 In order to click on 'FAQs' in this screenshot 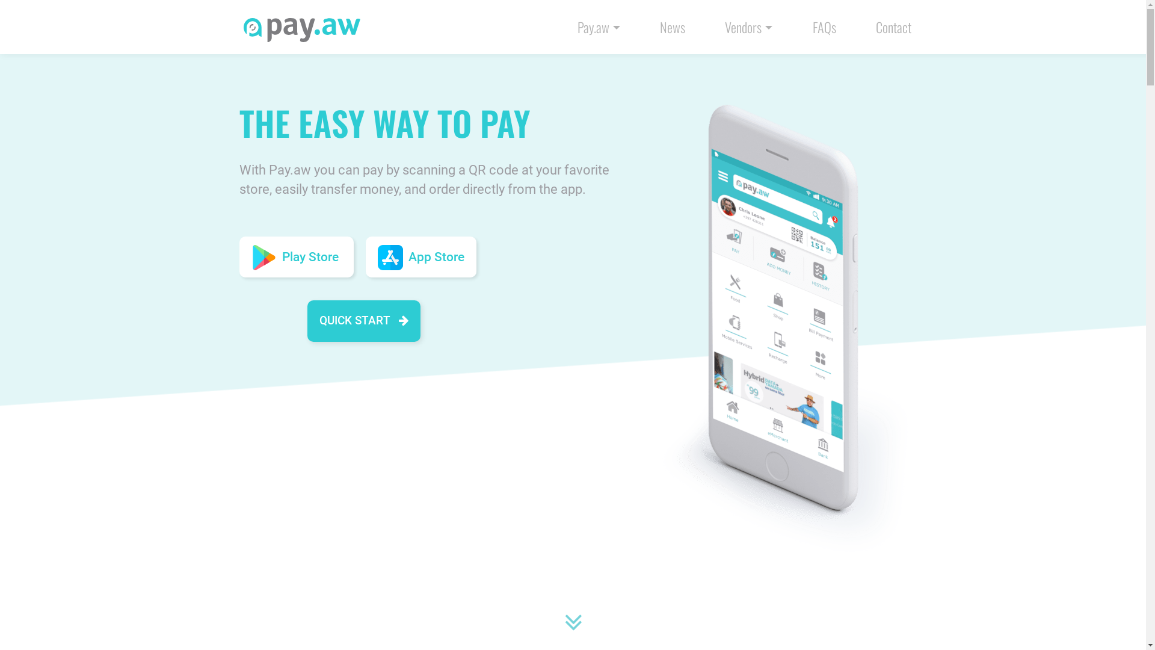, I will do `click(824, 26)`.